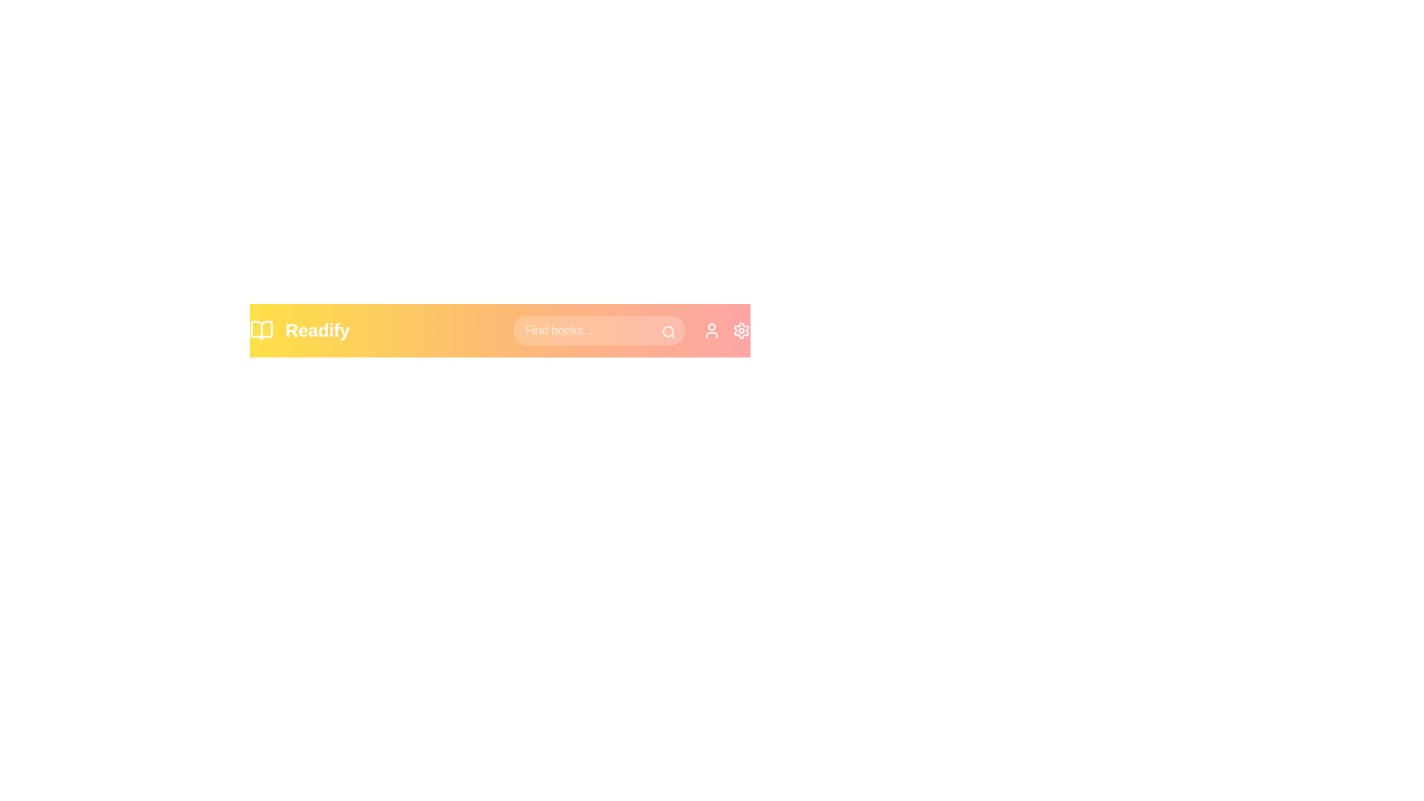  What do you see at coordinates (316, 330) in the screenshot?
I see `the 'Readify' text to explore app branding` at bounding box center [316, 330].